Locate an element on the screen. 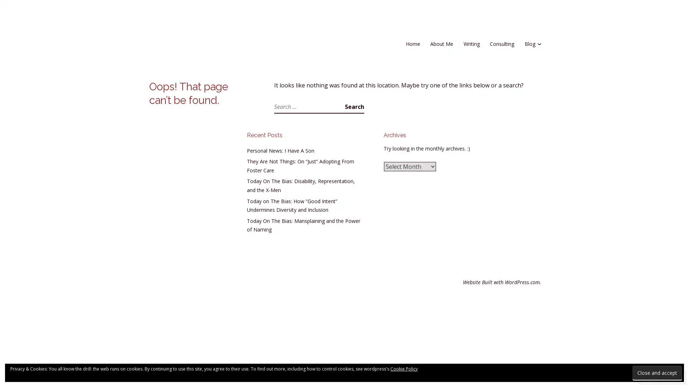 This screenshot has width=689, height=387. Close and accept is located at coordinates (657, 372).